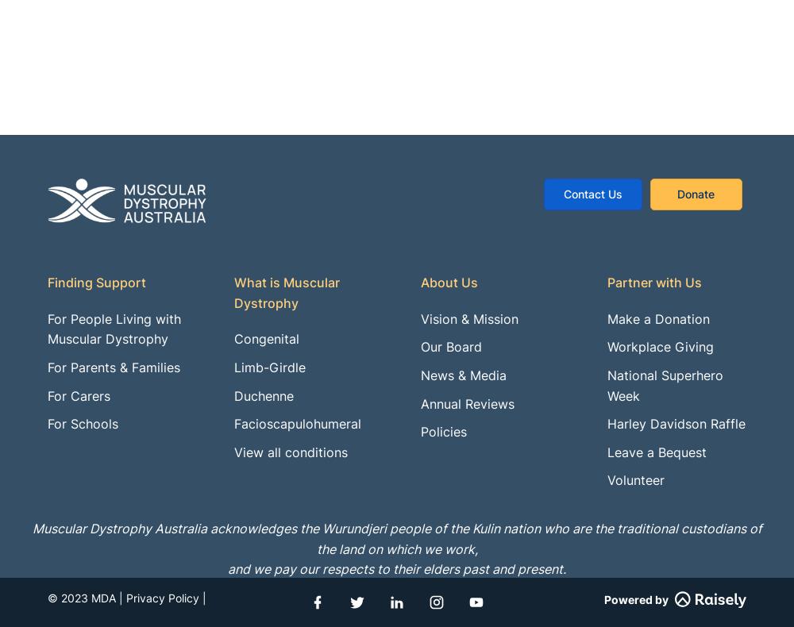 The height and width of the screenshot is (627, 794). I want to click on 'Harley Davidson Raffle', so click(676, 422).